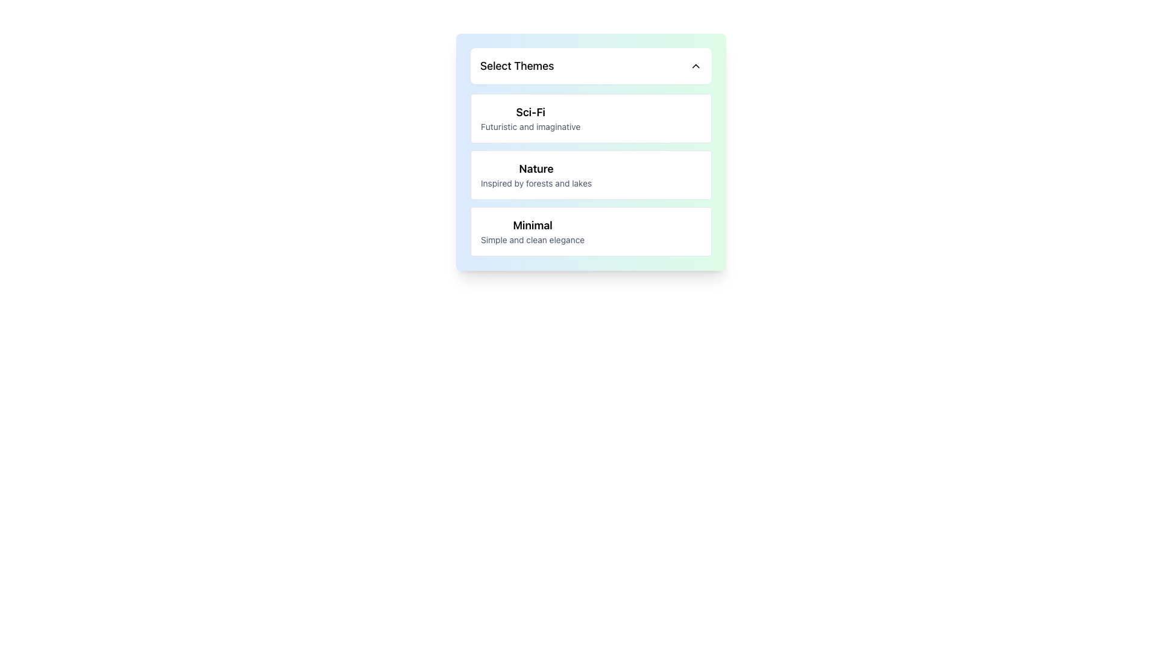 This screenshot has height=650, width=1157. I want to click on the descriptive subtitle text label that provides details about the 'Nature' theme, which is the second themed section in the vertical list, so click(536, 183).